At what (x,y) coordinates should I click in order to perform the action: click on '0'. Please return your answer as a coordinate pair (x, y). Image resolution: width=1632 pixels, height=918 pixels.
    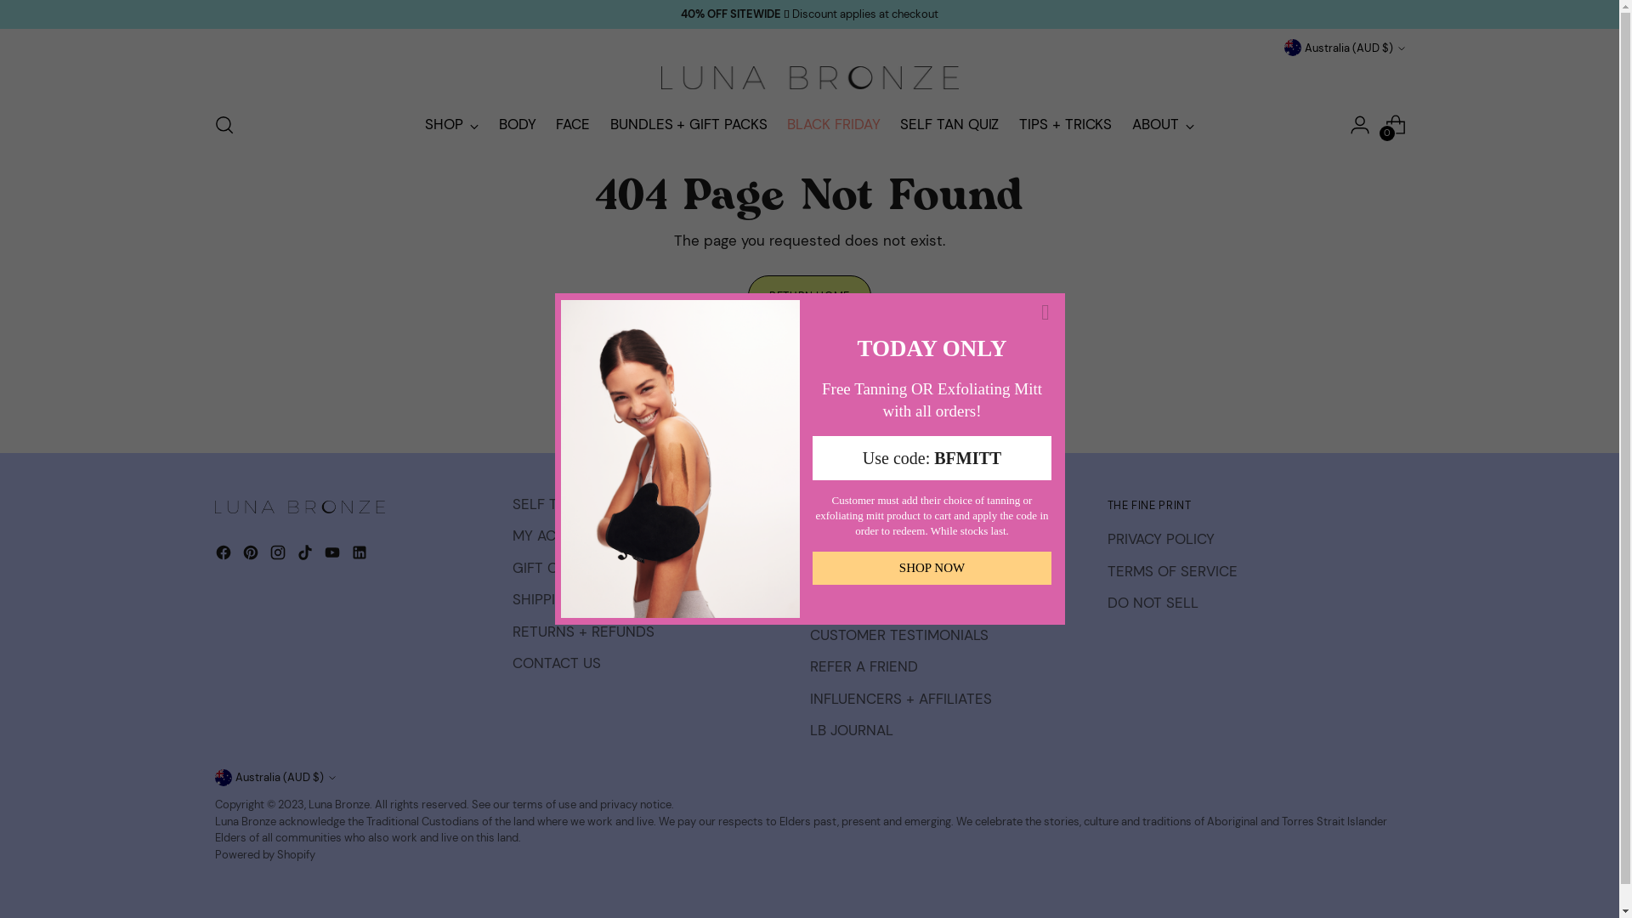
    Looking at the image, I should click on (1379, 123).